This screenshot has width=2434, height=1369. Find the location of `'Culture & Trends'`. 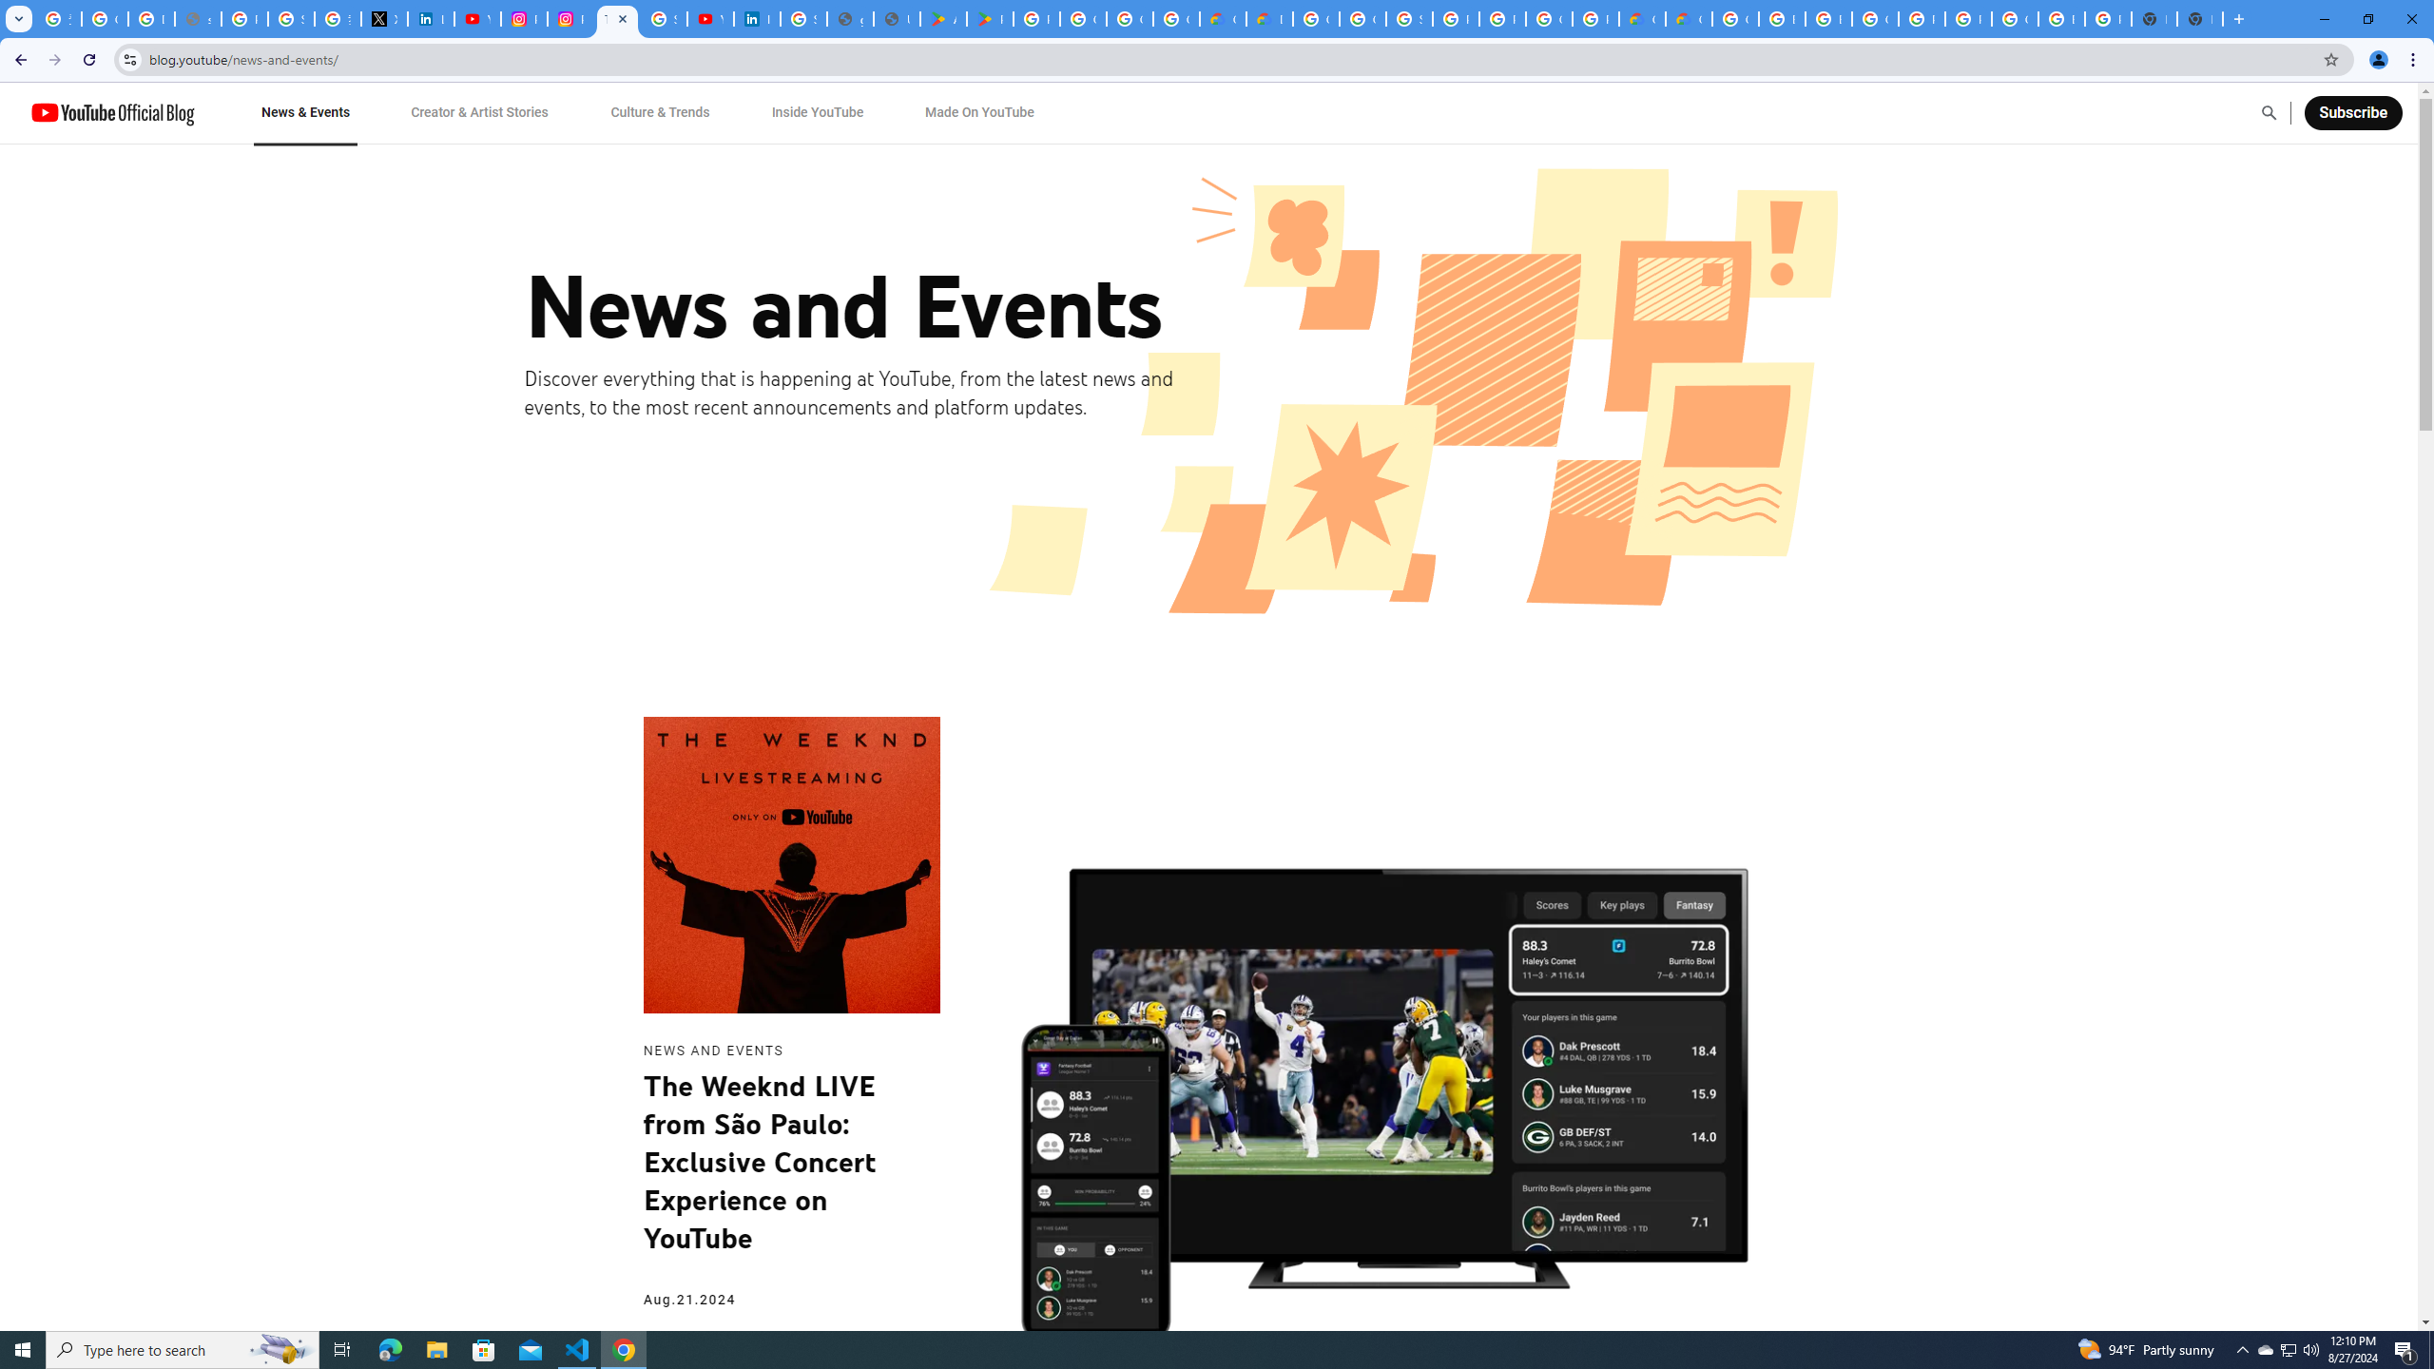

'Culture & Trends' is located at coordinates (660, 112).